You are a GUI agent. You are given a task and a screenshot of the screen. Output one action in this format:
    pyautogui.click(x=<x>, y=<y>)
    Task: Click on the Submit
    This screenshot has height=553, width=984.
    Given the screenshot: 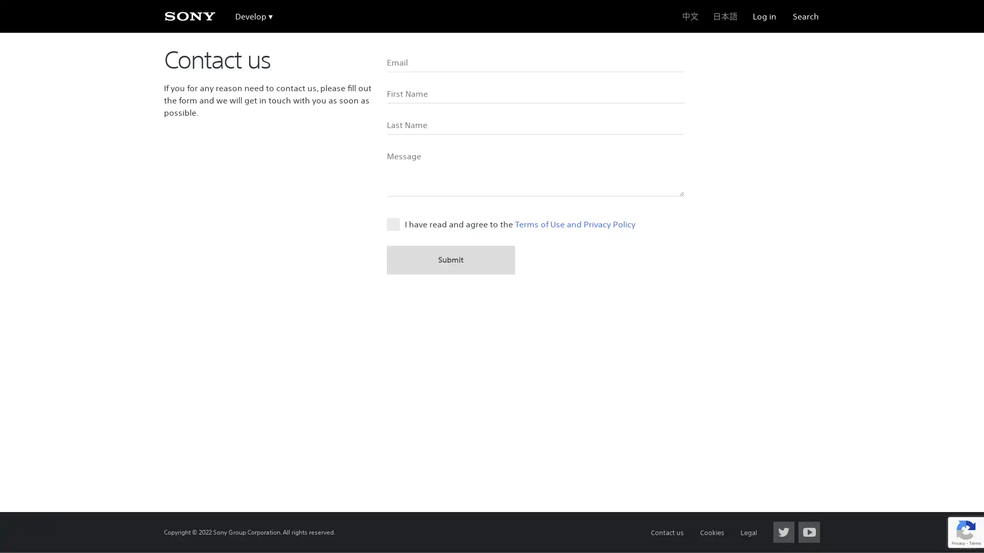 What is the action you would take?
    pyautogui.click(x=450, y=259)
    